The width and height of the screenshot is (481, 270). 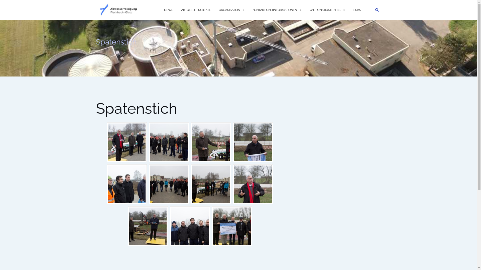 What do you see at coordinates (324, 10) in the screenshot?
I see `'WIE FUNKTIONIERT ES'` at bounding box center [324, 10].